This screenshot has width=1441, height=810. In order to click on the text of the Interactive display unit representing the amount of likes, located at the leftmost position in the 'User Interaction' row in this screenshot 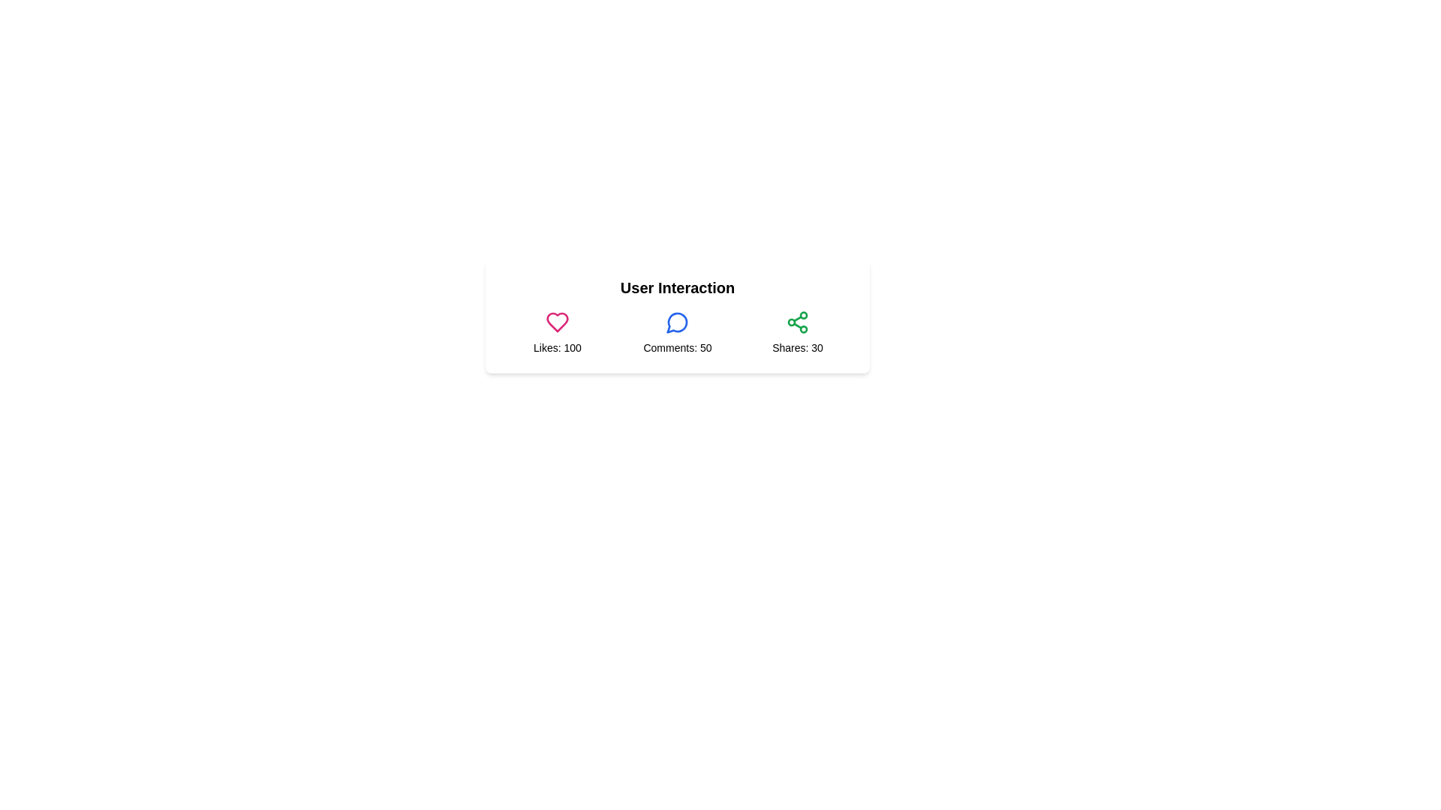, I will do `click(557, 331)`.